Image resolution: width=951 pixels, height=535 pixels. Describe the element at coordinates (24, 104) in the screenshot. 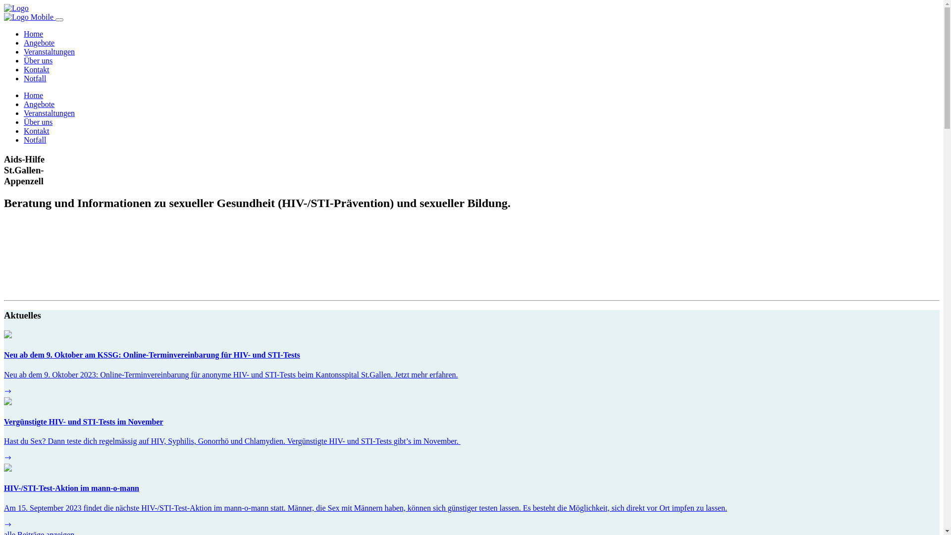

I see `'Angebote'` at that location.